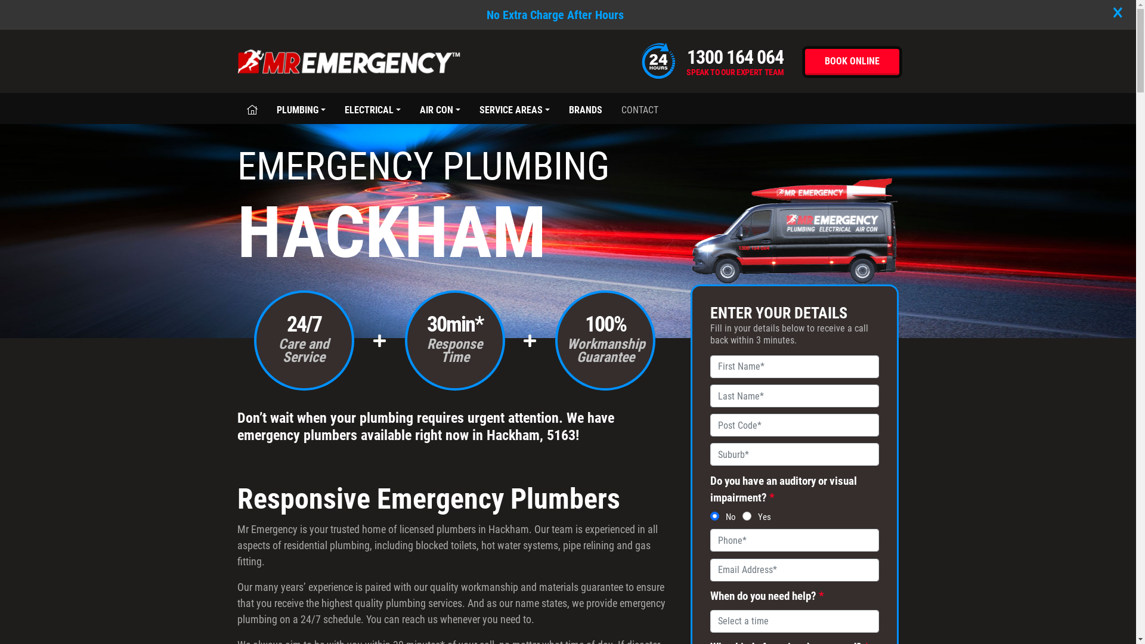 The image size is (1145, 644). I want to click on 'PLUMBING', so click(301, 109).